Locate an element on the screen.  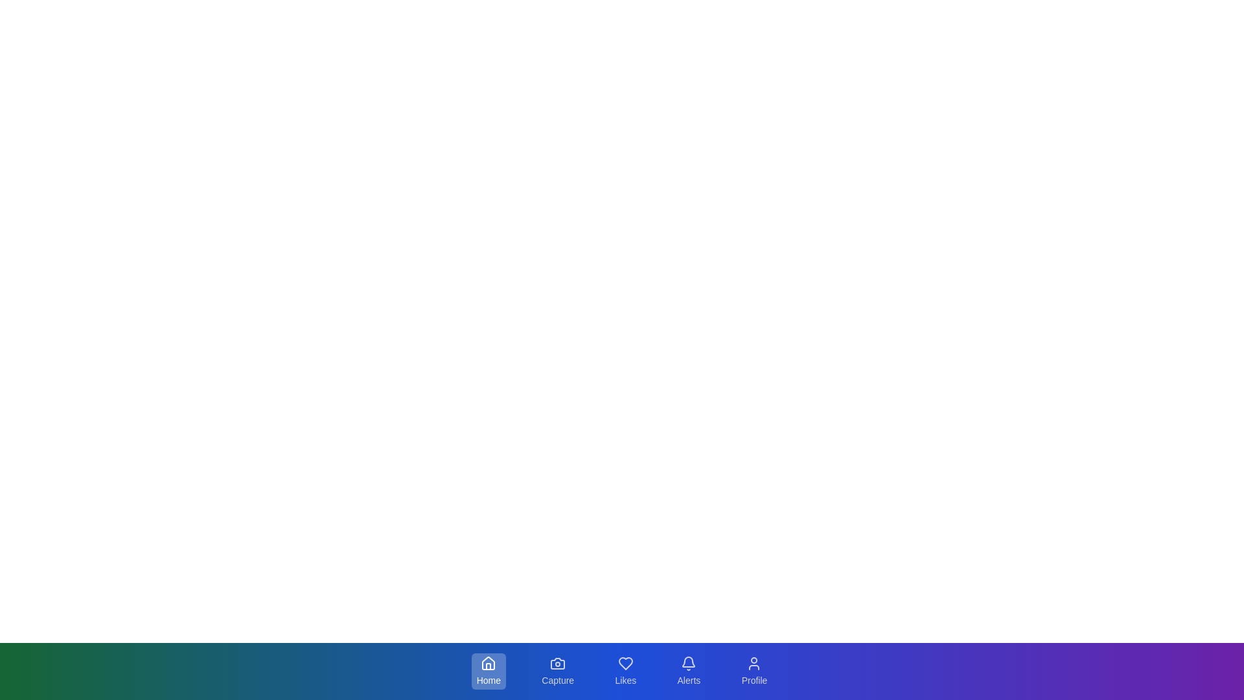
the button labeled Alerts to observe the visual feedback is located at coordinates (687, 671).